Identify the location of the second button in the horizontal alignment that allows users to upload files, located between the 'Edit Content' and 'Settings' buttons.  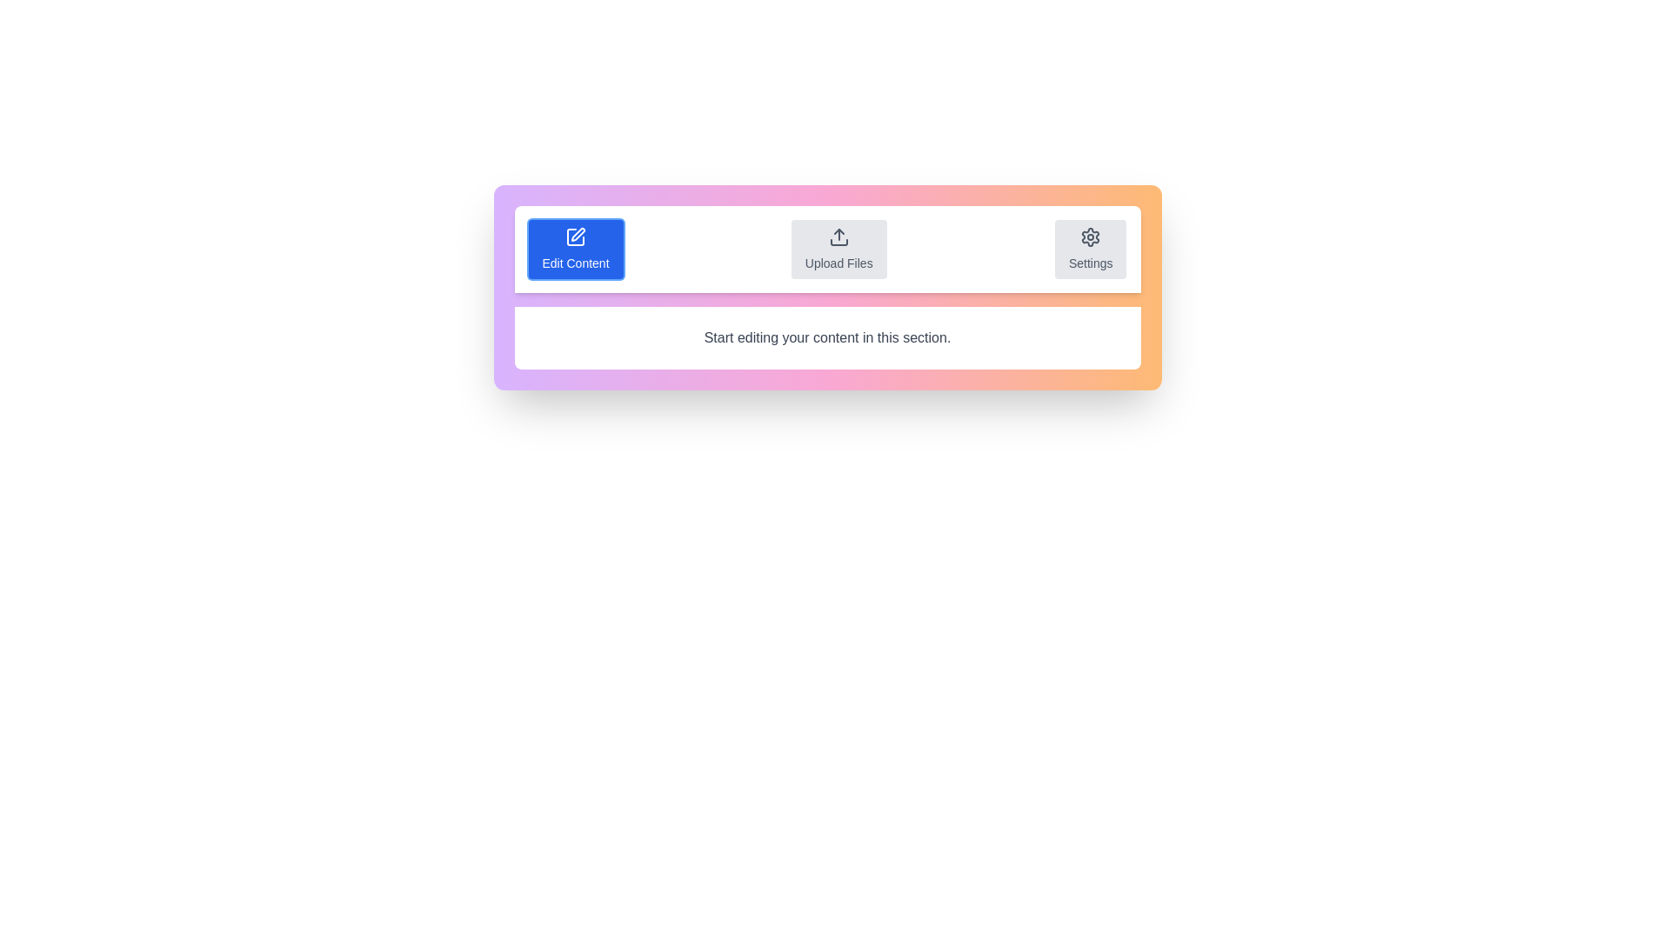
(838, 249).